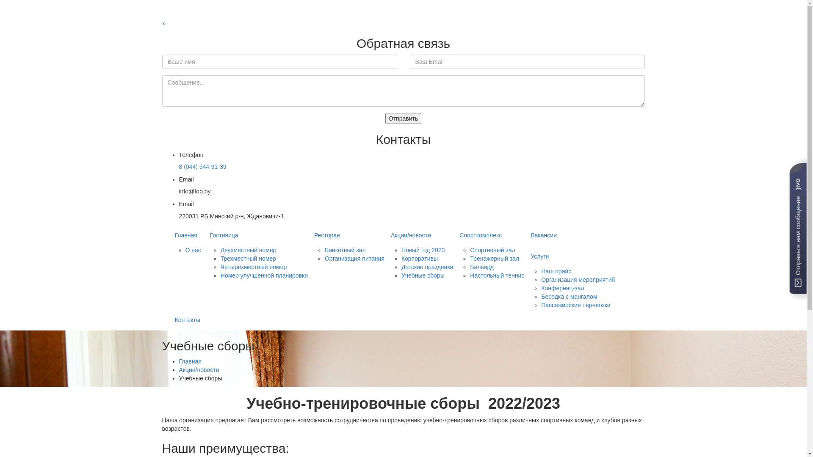 This screenshot has height=457, width=813. Describe the element at coordinates (192, 14) in the screenshot. I see `'+375 (44) 501-65-23'` at that location.